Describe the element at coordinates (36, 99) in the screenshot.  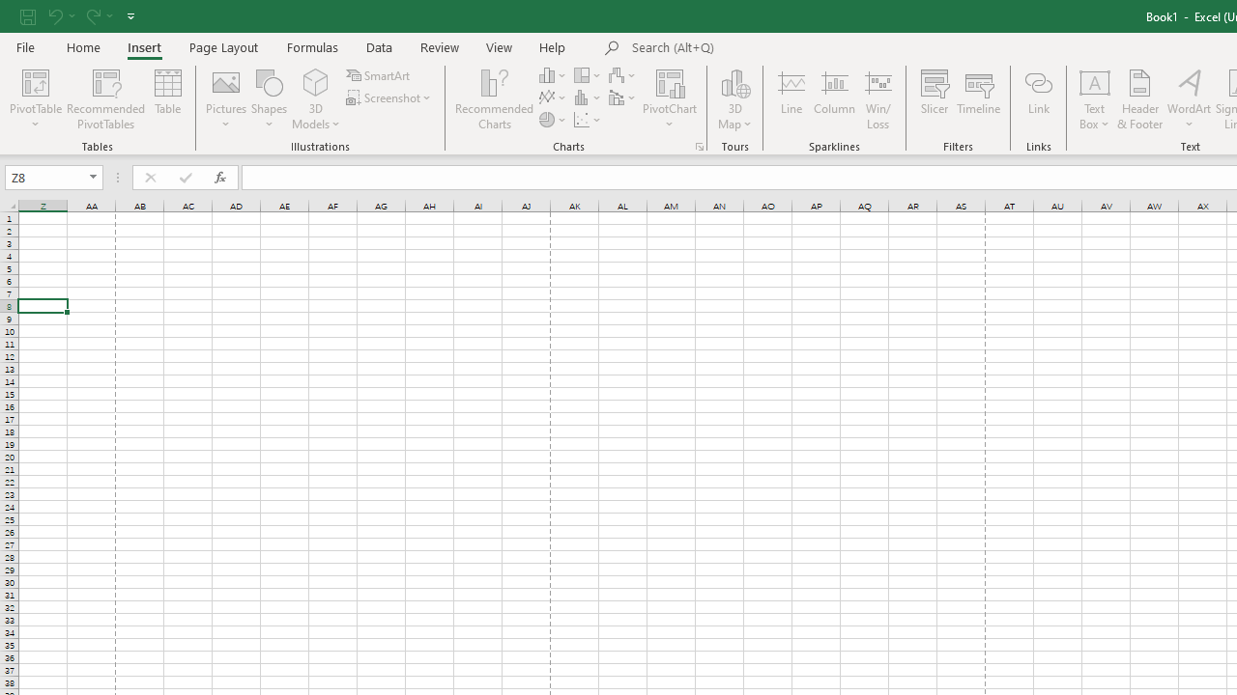
I see `'PivotTable'` at that location.